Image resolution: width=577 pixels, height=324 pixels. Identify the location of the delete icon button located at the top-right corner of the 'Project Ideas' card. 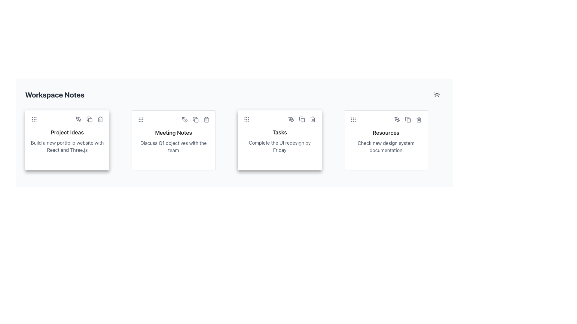
(100, 119).